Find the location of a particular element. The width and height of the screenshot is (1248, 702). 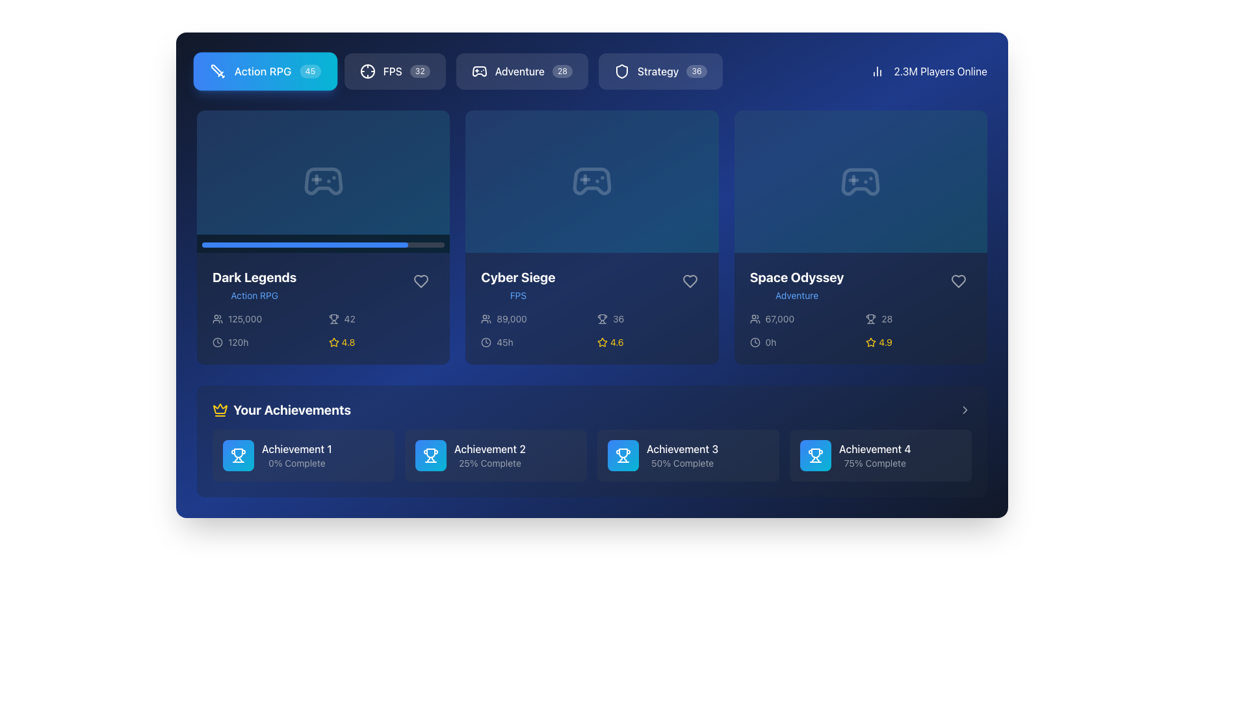

the information displayed in the 'Achievement 2' text element with a dark blue background, which shows '25% Complete' below it is located at coordinates (495, 455).